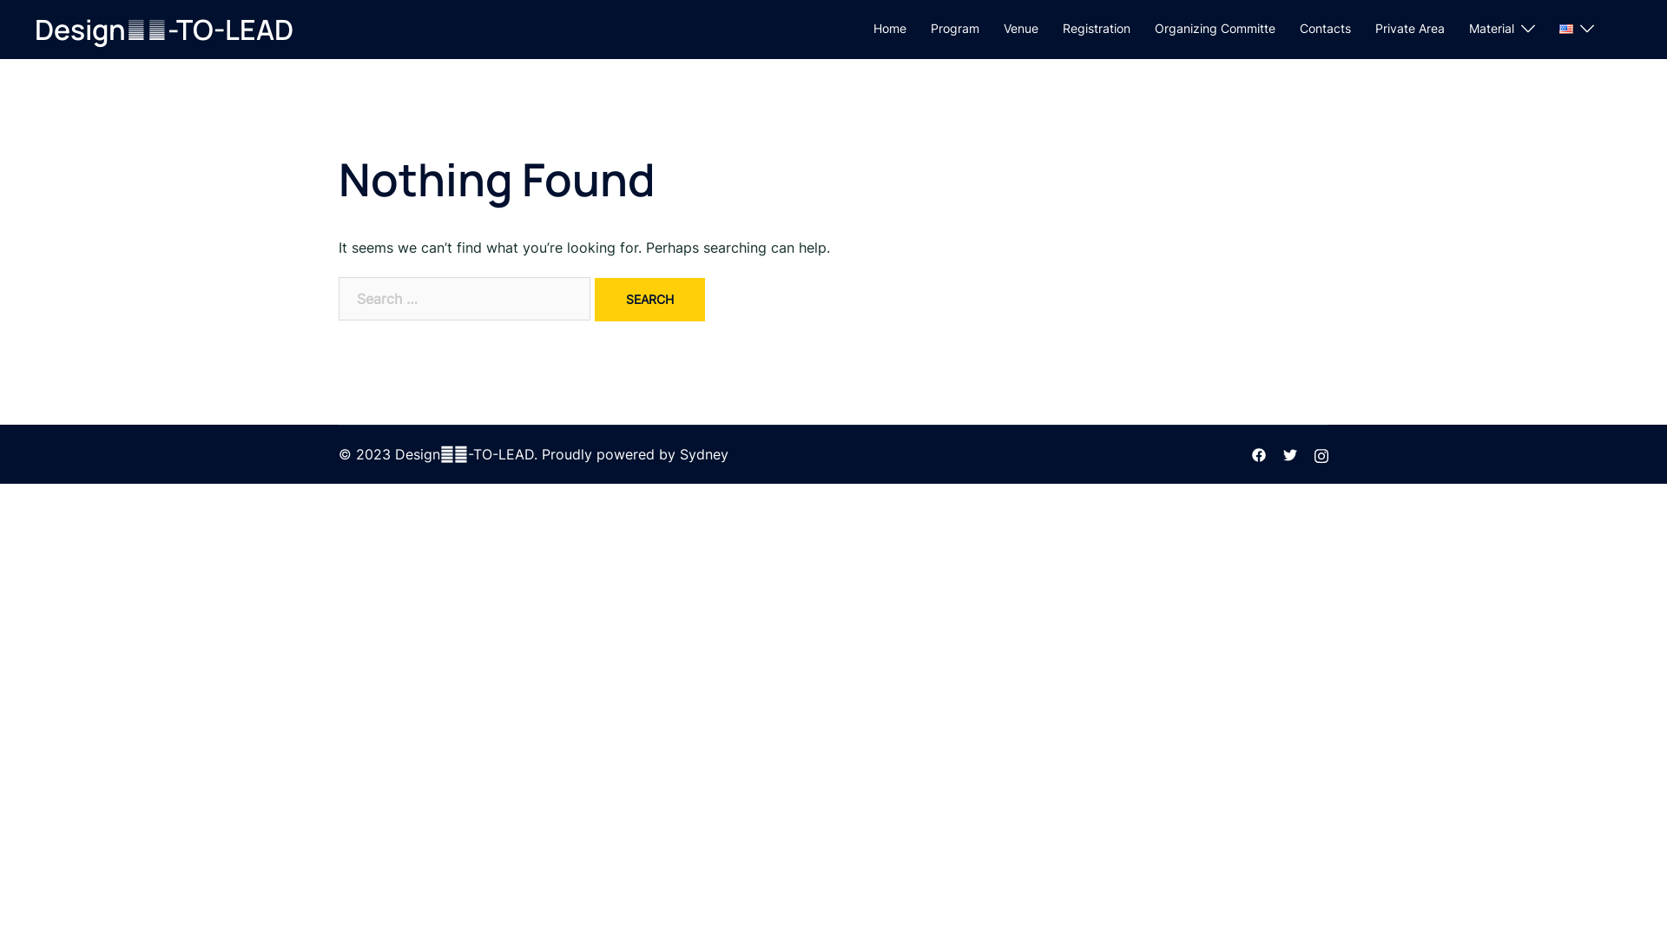 This screenshot has height=938, width=1667. Describe the element at coordinates (1095, 29) in the screenshot. I see `'Registration'` at that location.